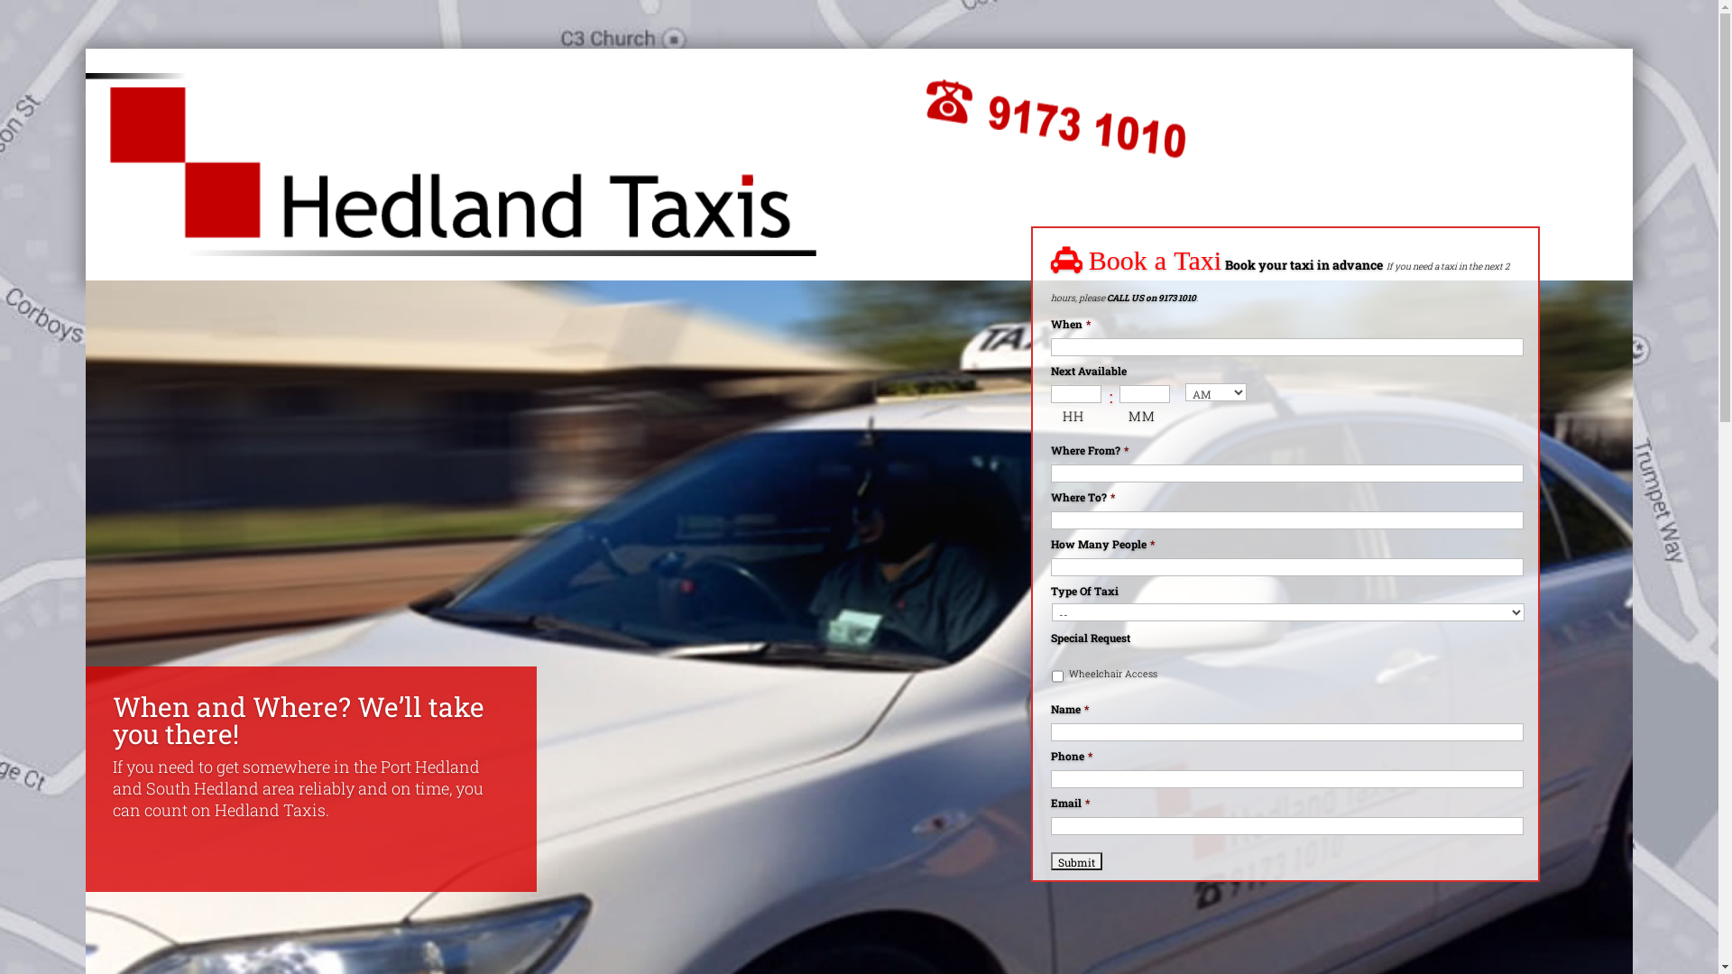 Image resolution: width=1732 pixels, height=974 pixels. I want to click on 'Submit', so click(1076, 859).